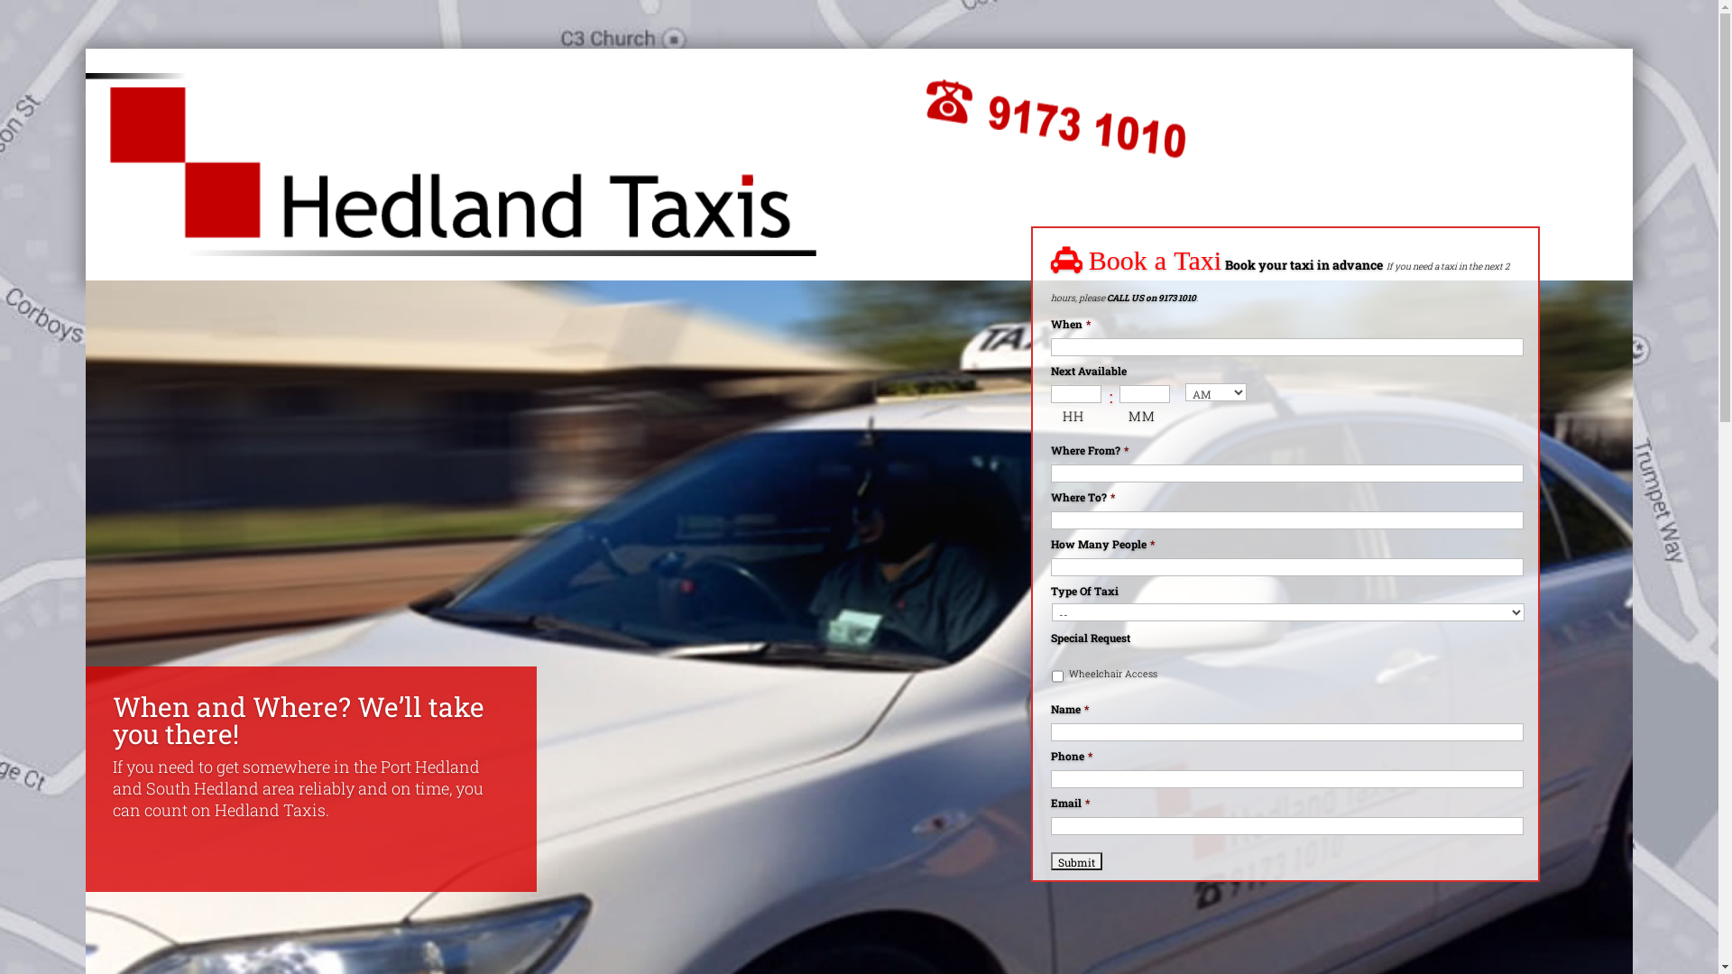 Image resolution: width=1732 pixels, height=974 pixels. I want to click on 'Submit', so click(1076, 859).